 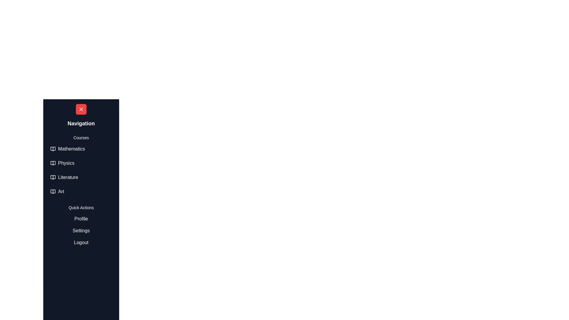 What do you see at coordinates (53, 163) in the screenshot?
I see `the SVG icon representing an open book in the 'Courses' navigation section, which corresponds to the 'Physics' label` at bounding box center [53, 163].